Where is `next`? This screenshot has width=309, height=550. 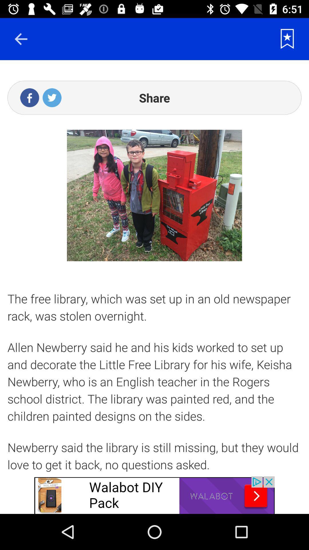 next is located at coordinates (21, 39).